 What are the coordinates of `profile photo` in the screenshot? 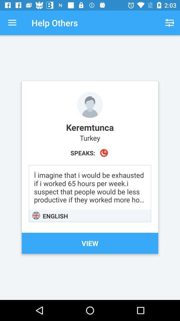 It's located at (90, 105).